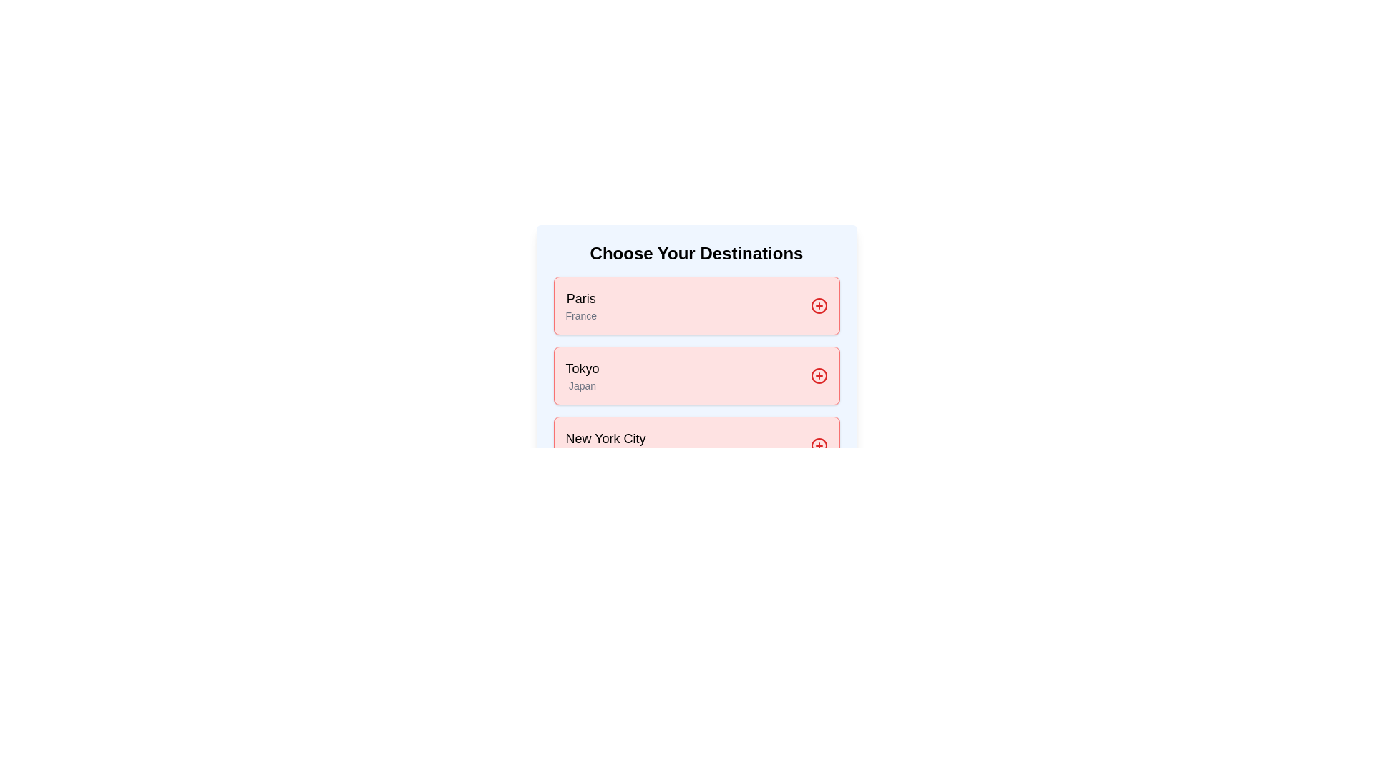 This screenshot has width=1374, height=772. What do you see at coordinates (819, 375) in the screenshot?
I see `the red circular plus icon associated with the 'Tokyo' entry` at bounding box center [819, 375].